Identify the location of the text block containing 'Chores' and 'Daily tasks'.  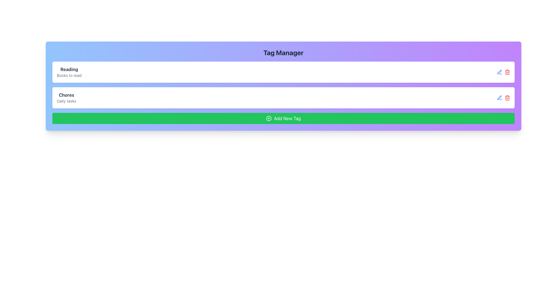
(66, 98).